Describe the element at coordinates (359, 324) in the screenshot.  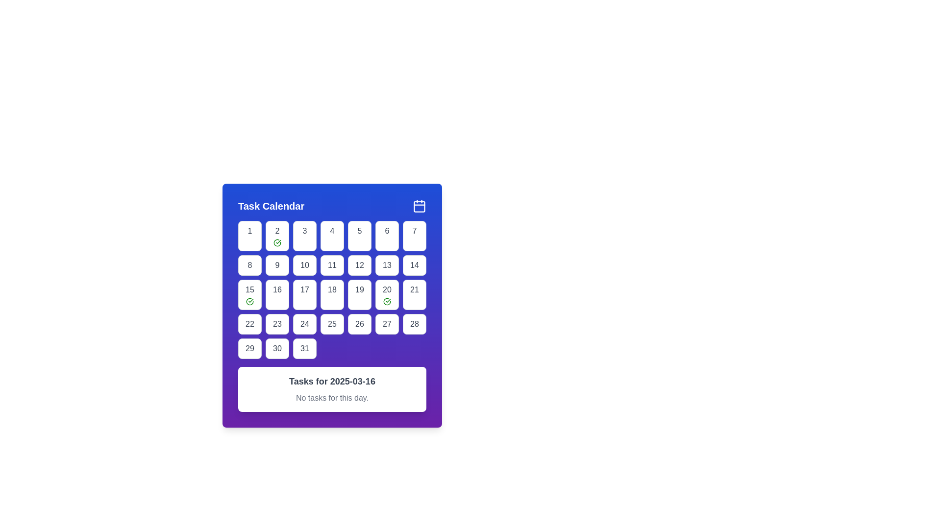
I see `the calendar button representing the 26th day of the month to interact with the tasks and events associated with that date` at that location.